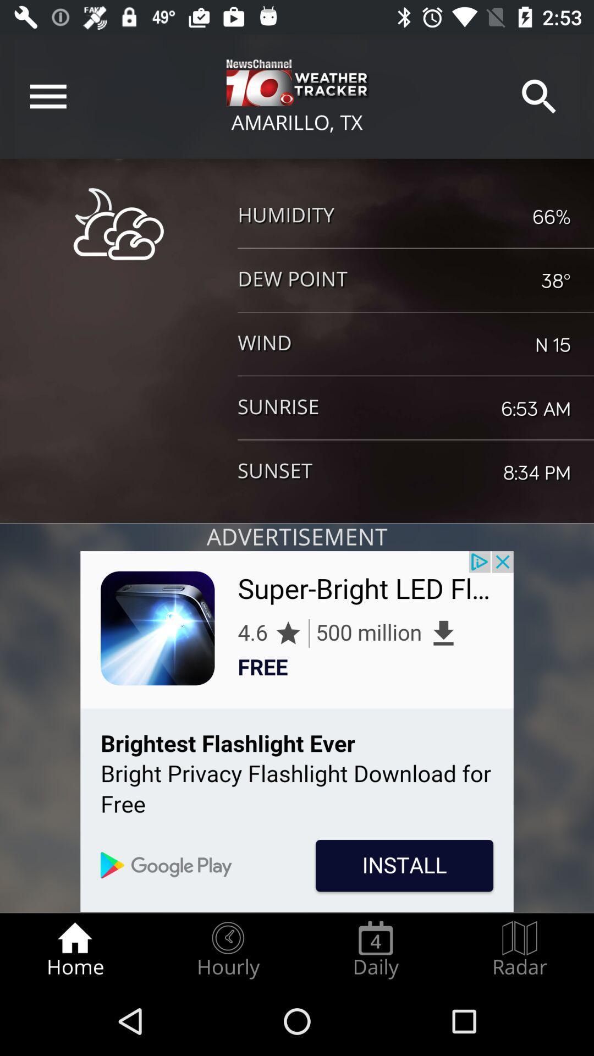  I want to click on the daily icon, so click(375, 949).